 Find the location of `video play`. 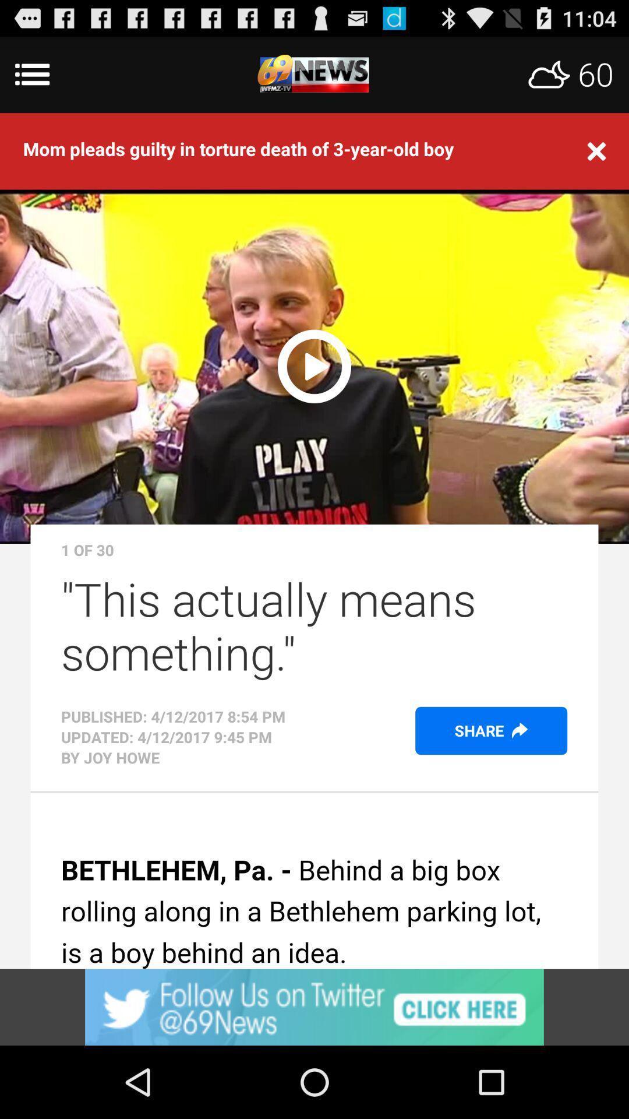

video play is located at coordinates (314, 364).